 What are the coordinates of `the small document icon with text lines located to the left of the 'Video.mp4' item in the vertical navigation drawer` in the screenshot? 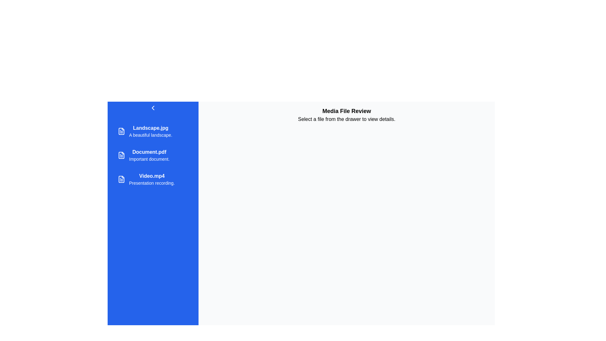 It's located at (121, 179).